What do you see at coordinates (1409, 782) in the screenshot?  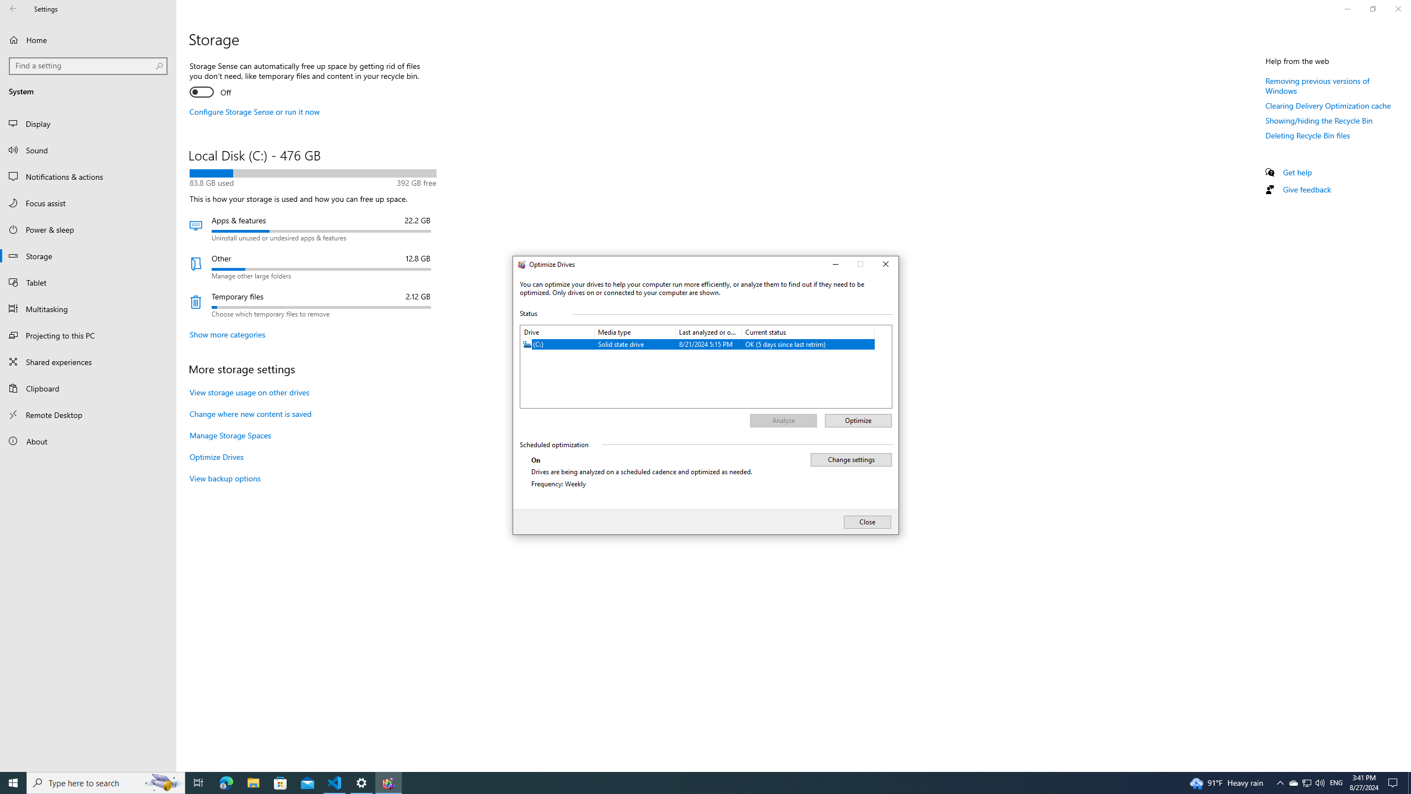 I see `'Show desktop'` at bounding box center [1409, 782].